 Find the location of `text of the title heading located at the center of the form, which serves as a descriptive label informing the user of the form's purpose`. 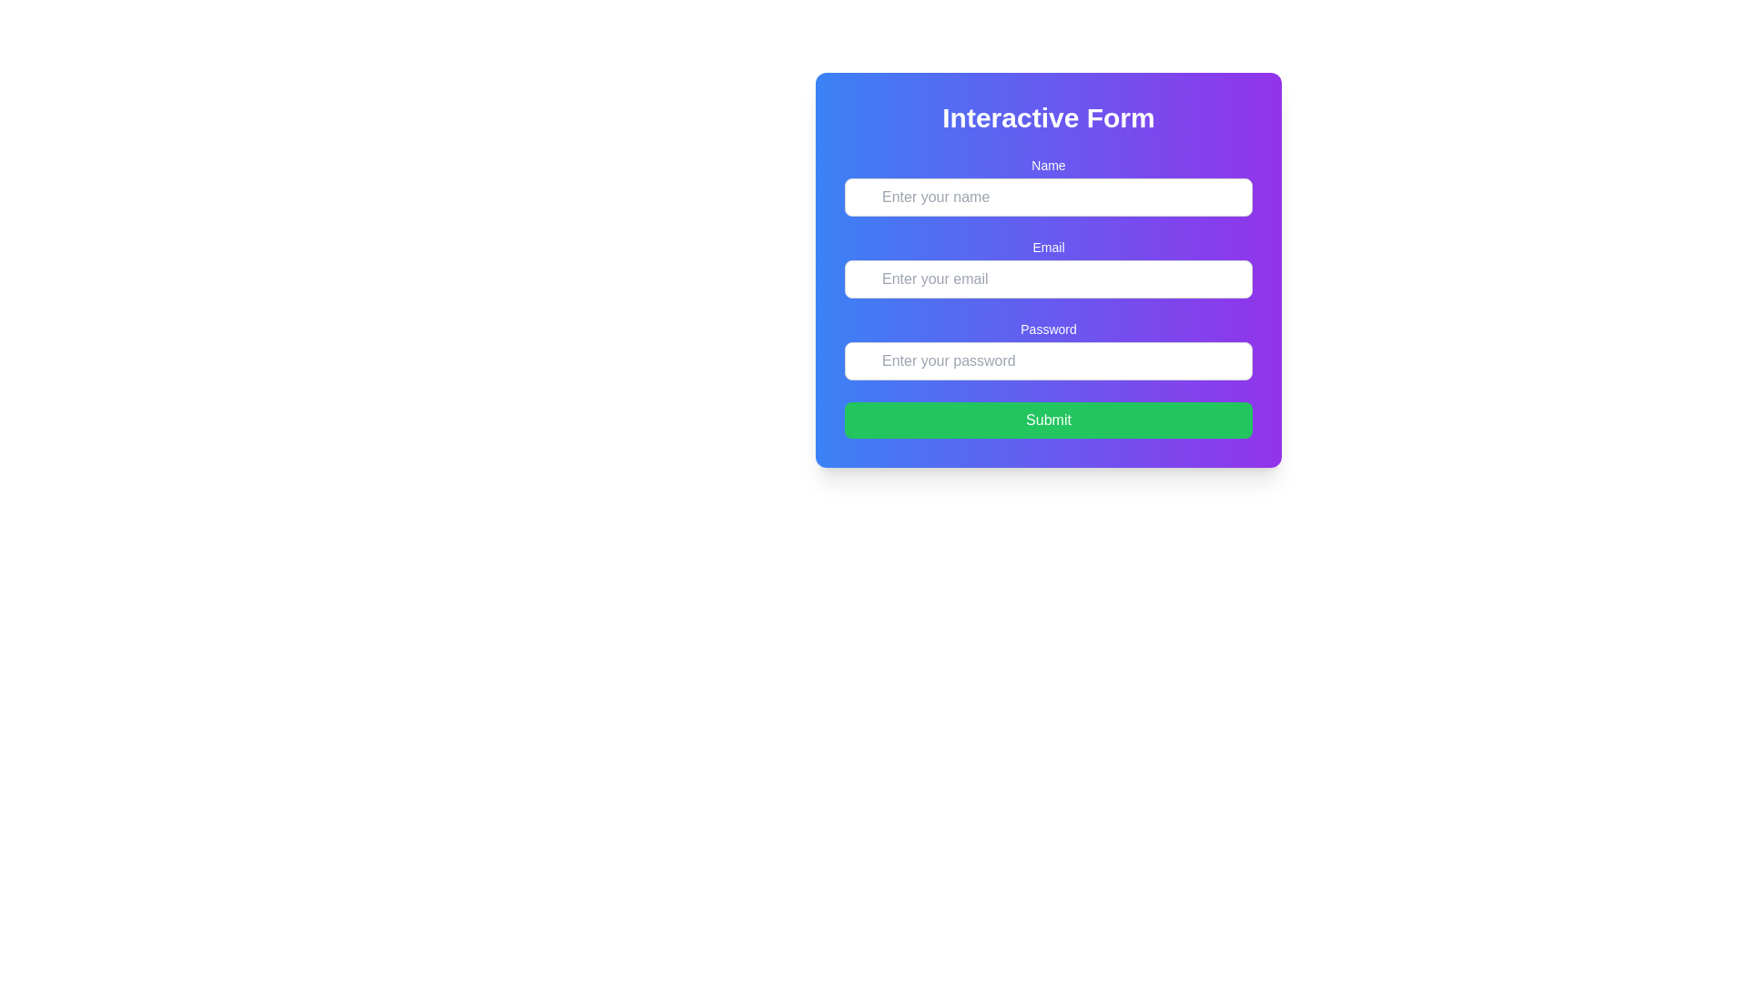

text of the title heading located at the center of the form, which serves as a descriptive label informing the user of the form's purpose is located at coordinates (1049, 118).